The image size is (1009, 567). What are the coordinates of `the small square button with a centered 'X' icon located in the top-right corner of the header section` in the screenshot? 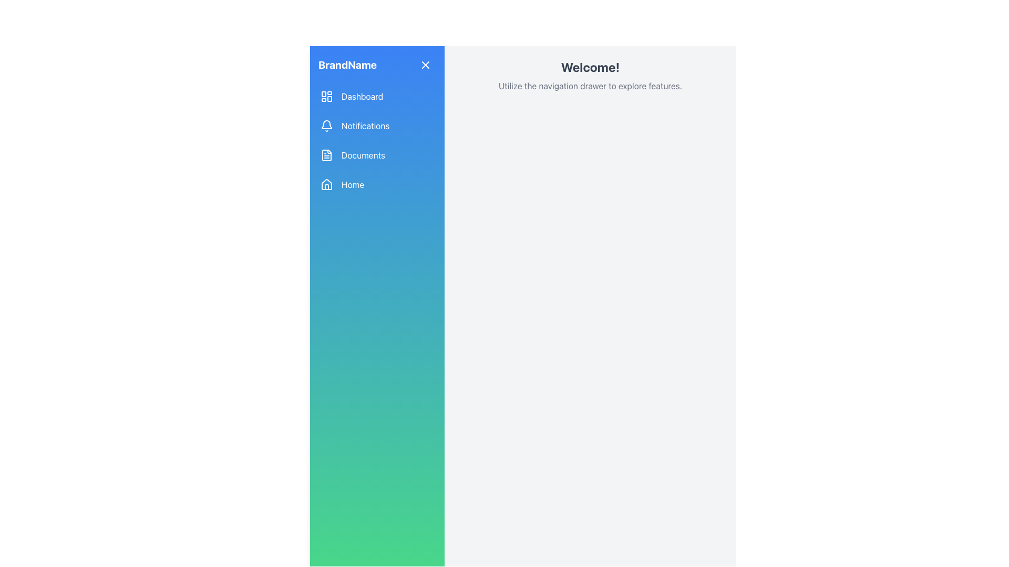 It's located at (426, 65).